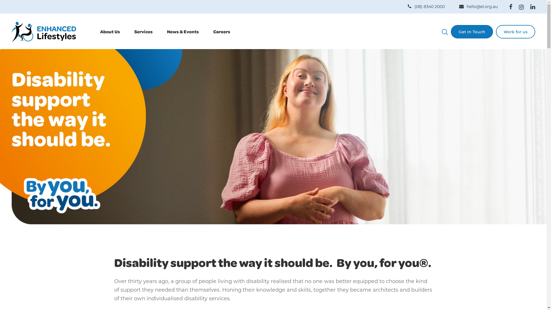  Describe the element at coordinates (519, 7) in the screenshot. I see `'Instagram'` at that location.